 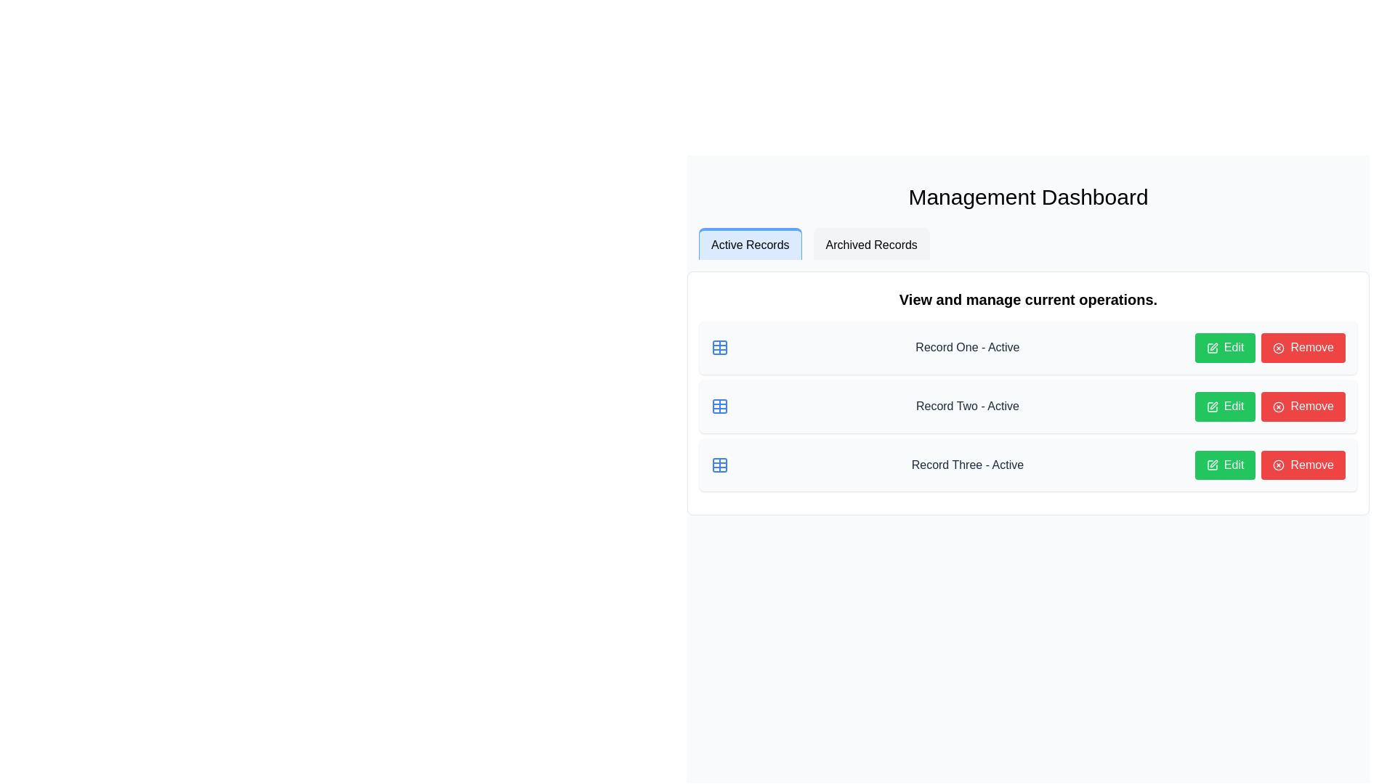 What do you see at coordinates (1279, 348) in the screenshot?
I see `the red circular icon with a white cross inside, which is located within the 'Remove' button in the first row of actions for 'Record One - Active'` at bounding box center [1279, 348].